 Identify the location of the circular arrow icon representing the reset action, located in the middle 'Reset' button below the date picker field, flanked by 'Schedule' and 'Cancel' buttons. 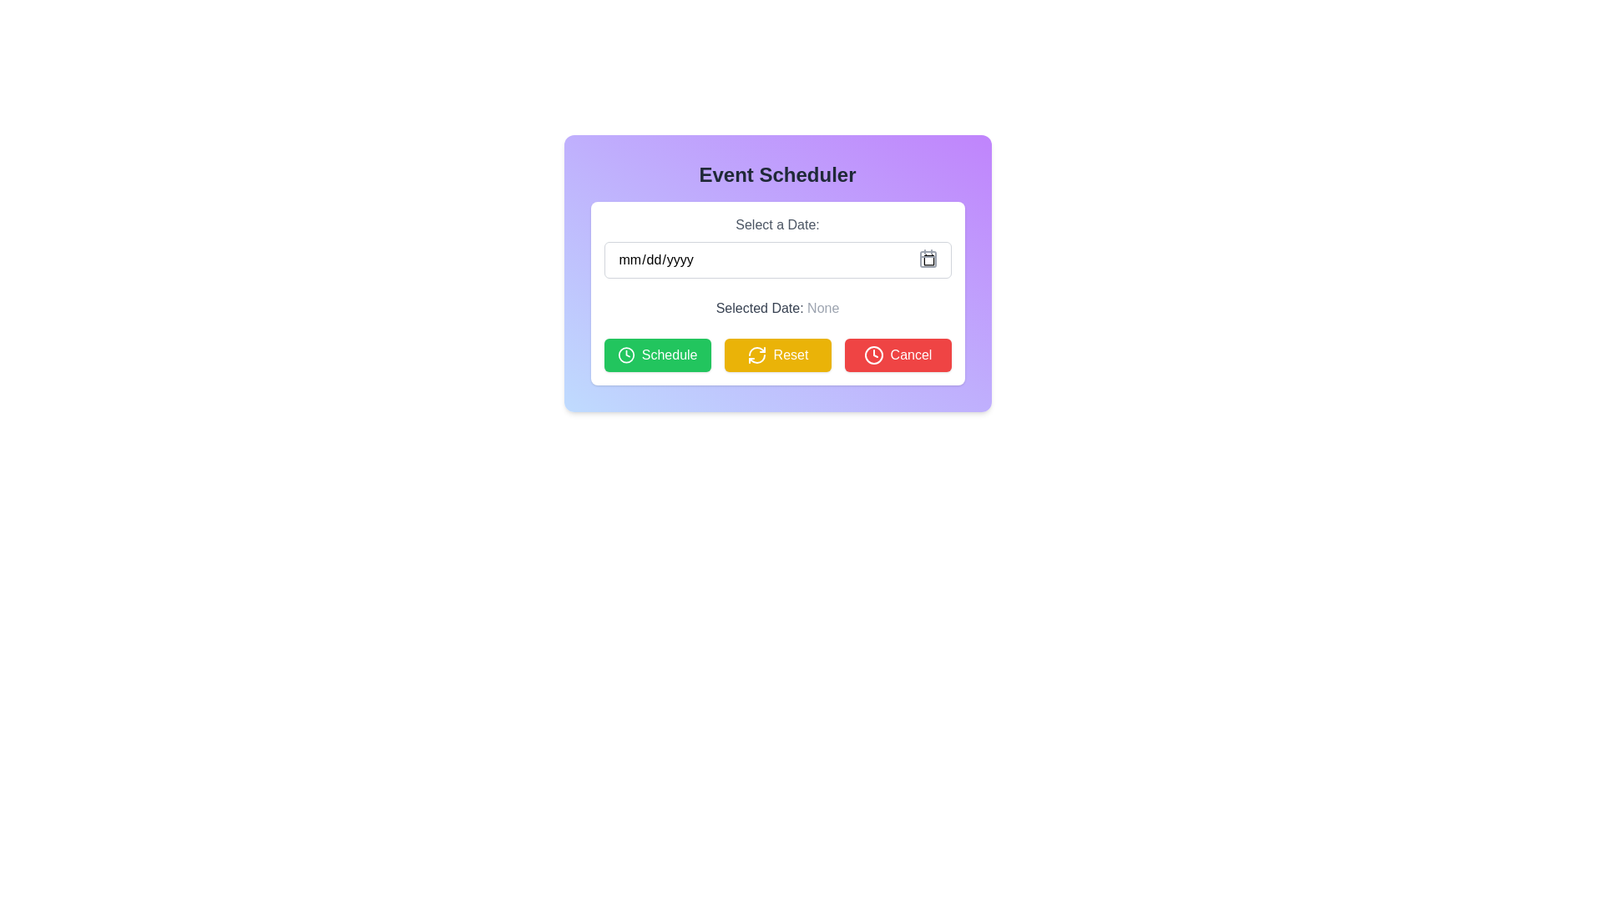
(756, 354).